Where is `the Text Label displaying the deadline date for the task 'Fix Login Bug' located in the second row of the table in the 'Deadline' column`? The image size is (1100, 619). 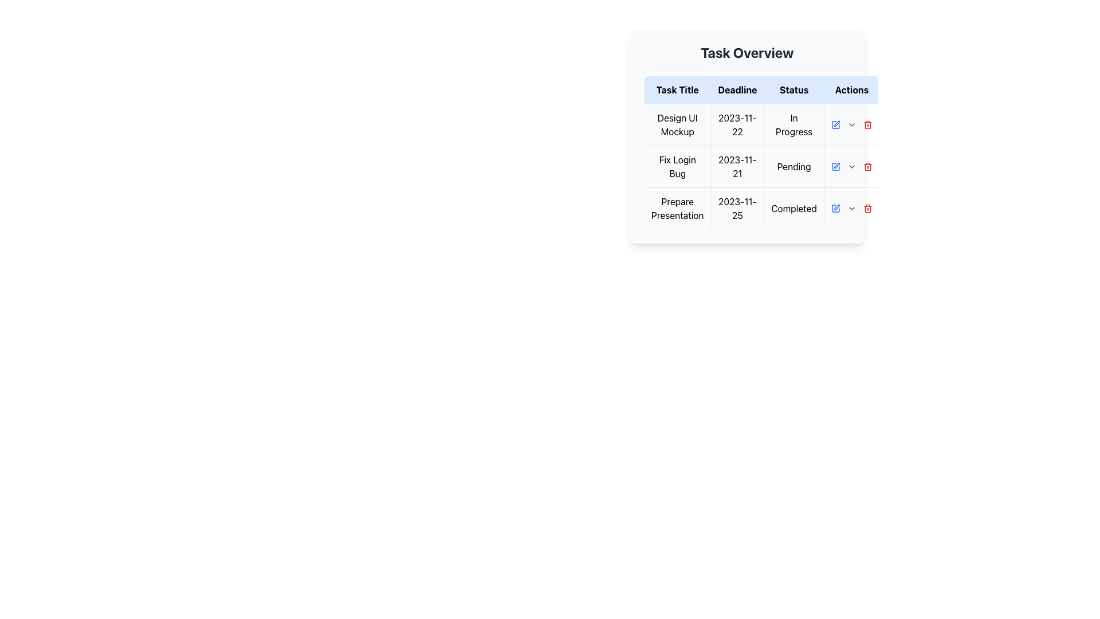 the Text Label displaying the deadline date for the task 'Fix Login Bug' located in the second row of the table in the 'Deadline' column is located at coordinates (737, 166).